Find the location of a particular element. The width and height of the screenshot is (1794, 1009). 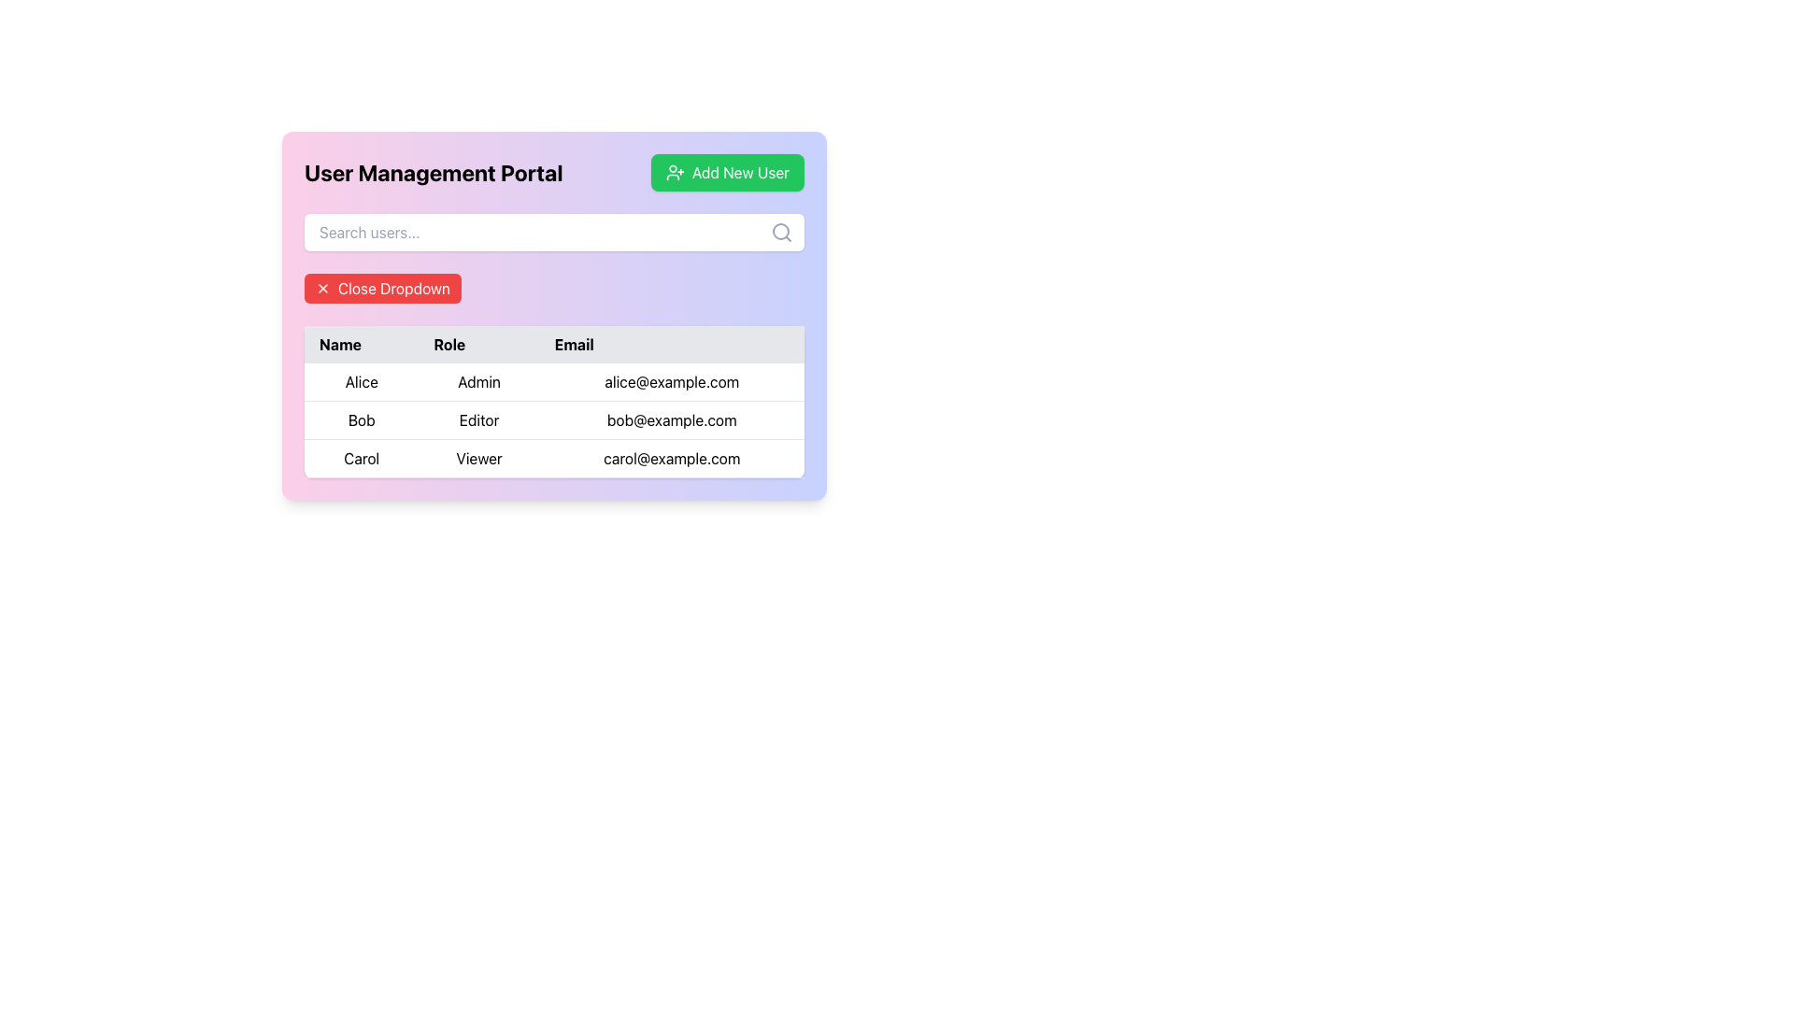

the icon located on the left side of the text label within the 'Close Dropdown' button is located at coordinates (322, 288).